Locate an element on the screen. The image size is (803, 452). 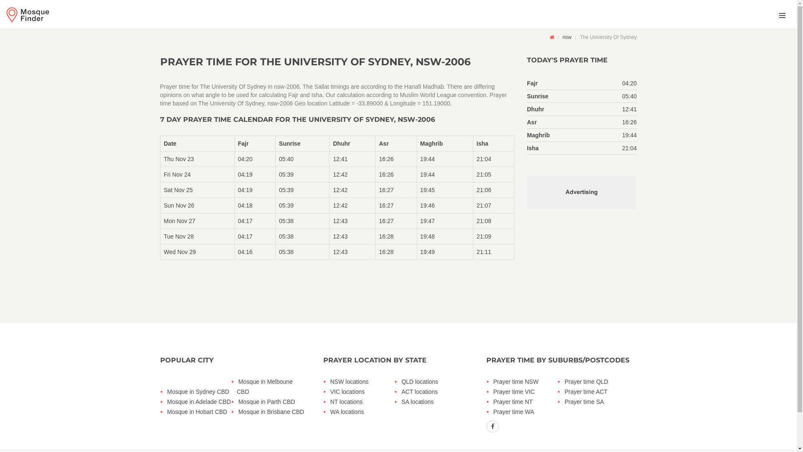
'Prayer time NT' is located at coordinates (526, 401).